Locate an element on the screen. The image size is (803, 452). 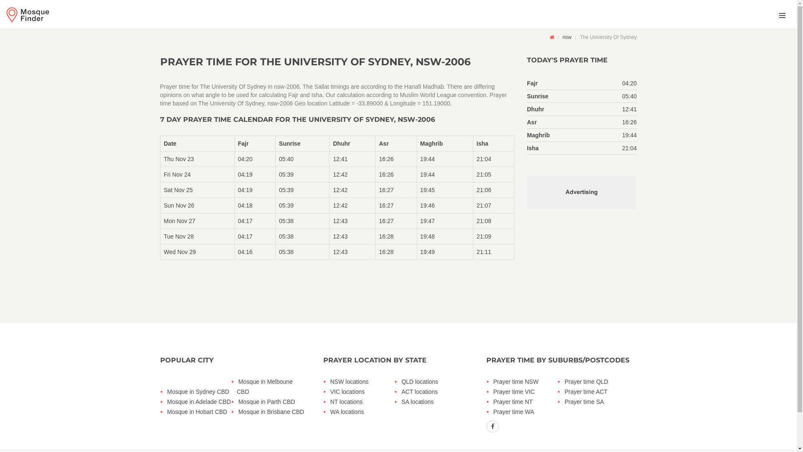
'Prayer time NT' is located at coordinates (526, 401).